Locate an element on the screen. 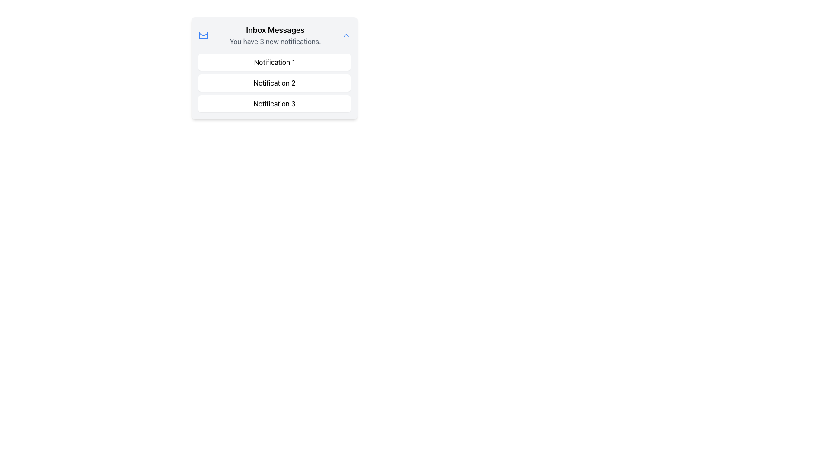 The width and height of the screenshot is (830, 467). the 'Inbox Messages' Text Label element, which is a prominently displayed dark text indicating the presence of new notifications is located at coordinates (275, 29).